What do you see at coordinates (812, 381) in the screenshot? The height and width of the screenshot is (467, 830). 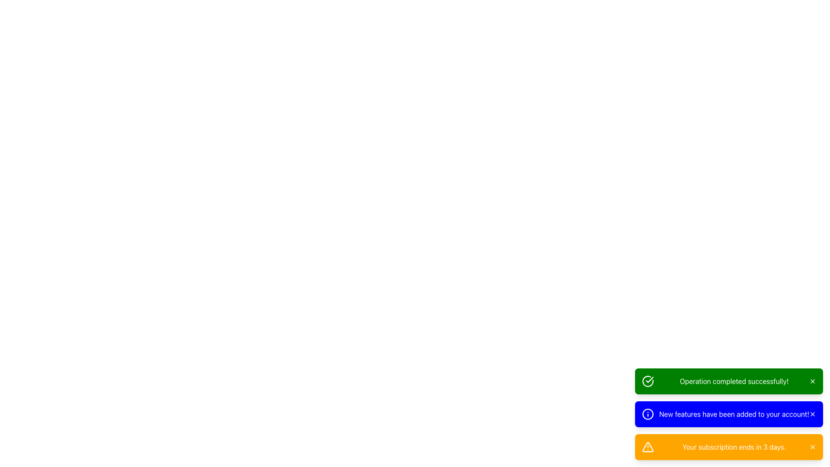 I see `the close button located at the extreme right of the green notification bar that dismisses the notification message 'Operation completed successfully!'` at bounding box center [812, 381].